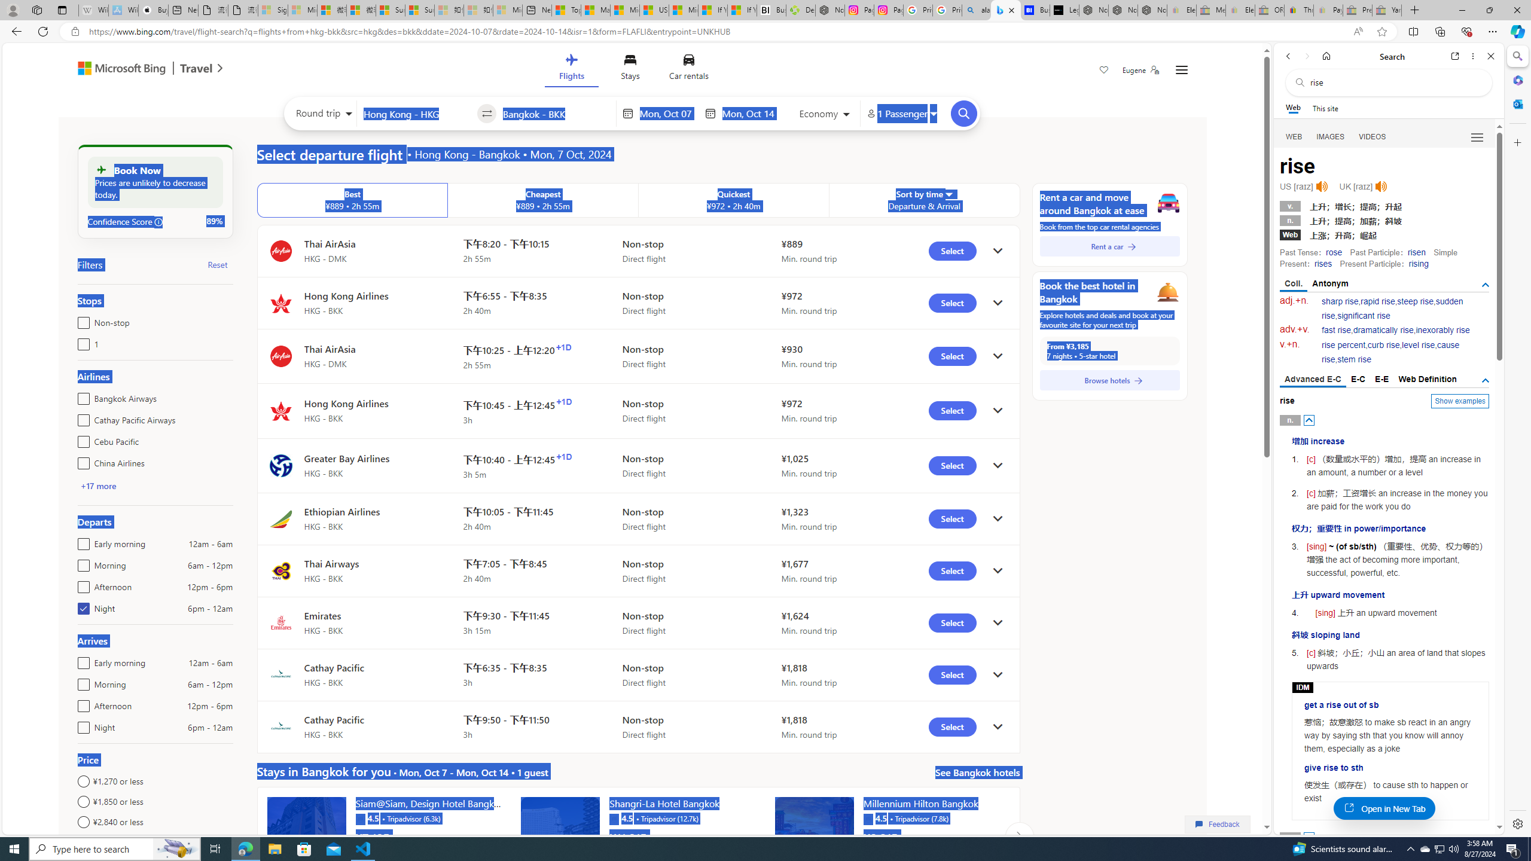  Describe the element at coordinates (814, 835) in the screenshot. I see `'hotel card image'` at that location.